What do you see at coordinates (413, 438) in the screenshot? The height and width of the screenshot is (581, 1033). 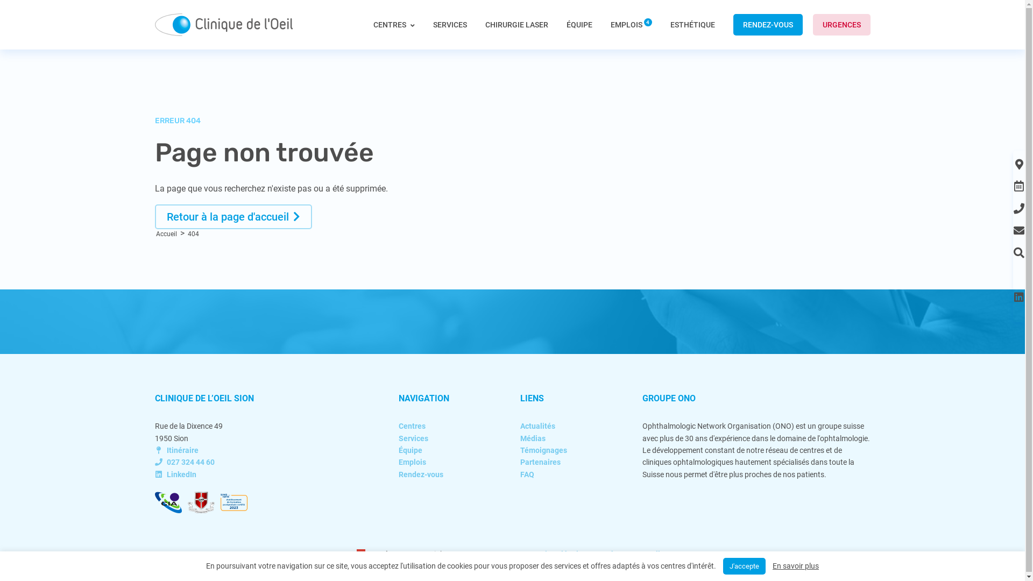 I see `'Services'` at bounding box center [413, 438].